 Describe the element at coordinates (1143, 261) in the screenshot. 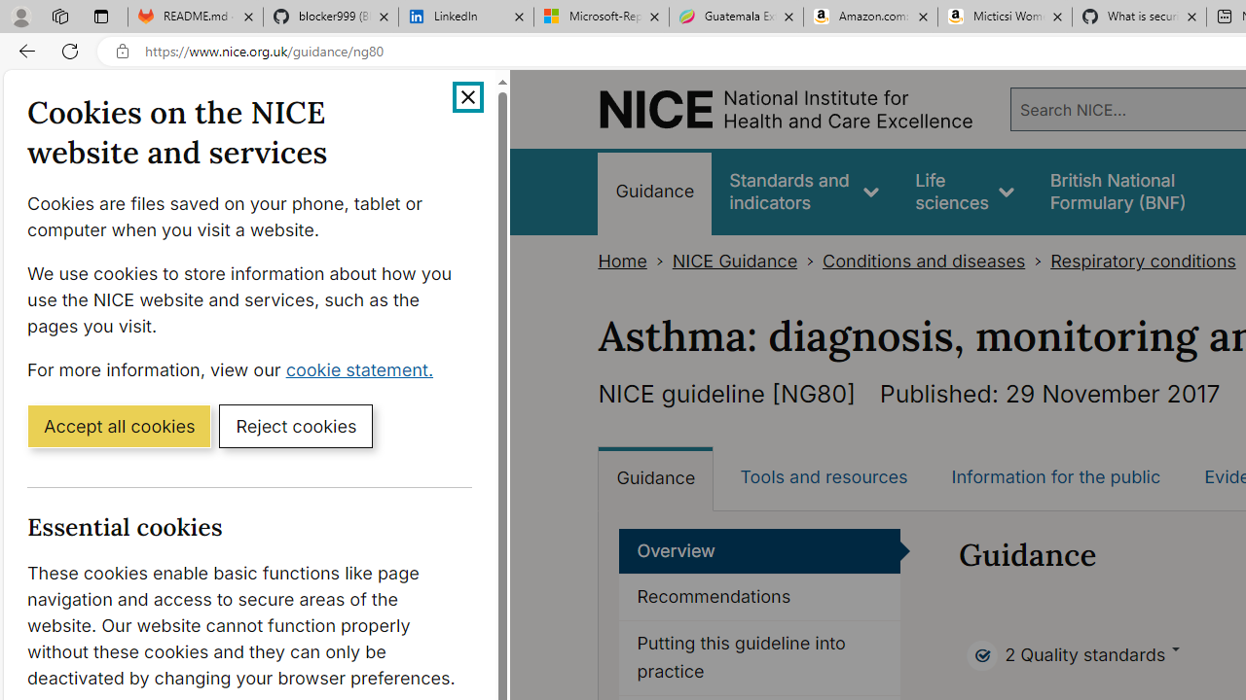

I see `'Respiratory conditions'` at that location.